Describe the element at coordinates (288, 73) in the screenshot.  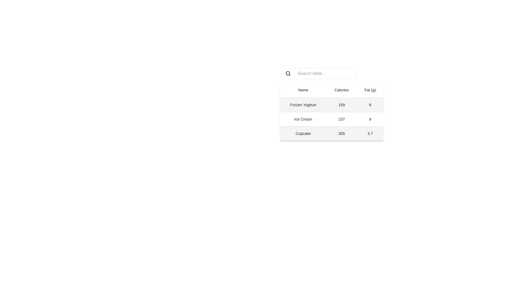
I see `the circular part of the magnifying glass icon located to the left of the search bar labeled 'Search table...'` at that location.